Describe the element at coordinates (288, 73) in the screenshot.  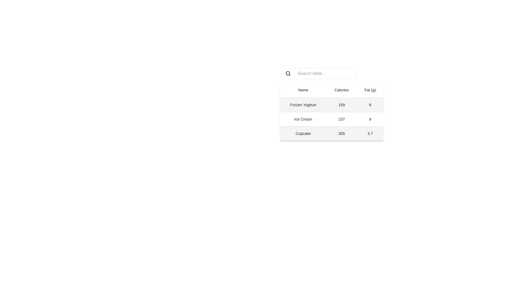
I see `the circular part of the magnifying glass icon located to the left of the search bar labeled 'Search table...'` at that location.